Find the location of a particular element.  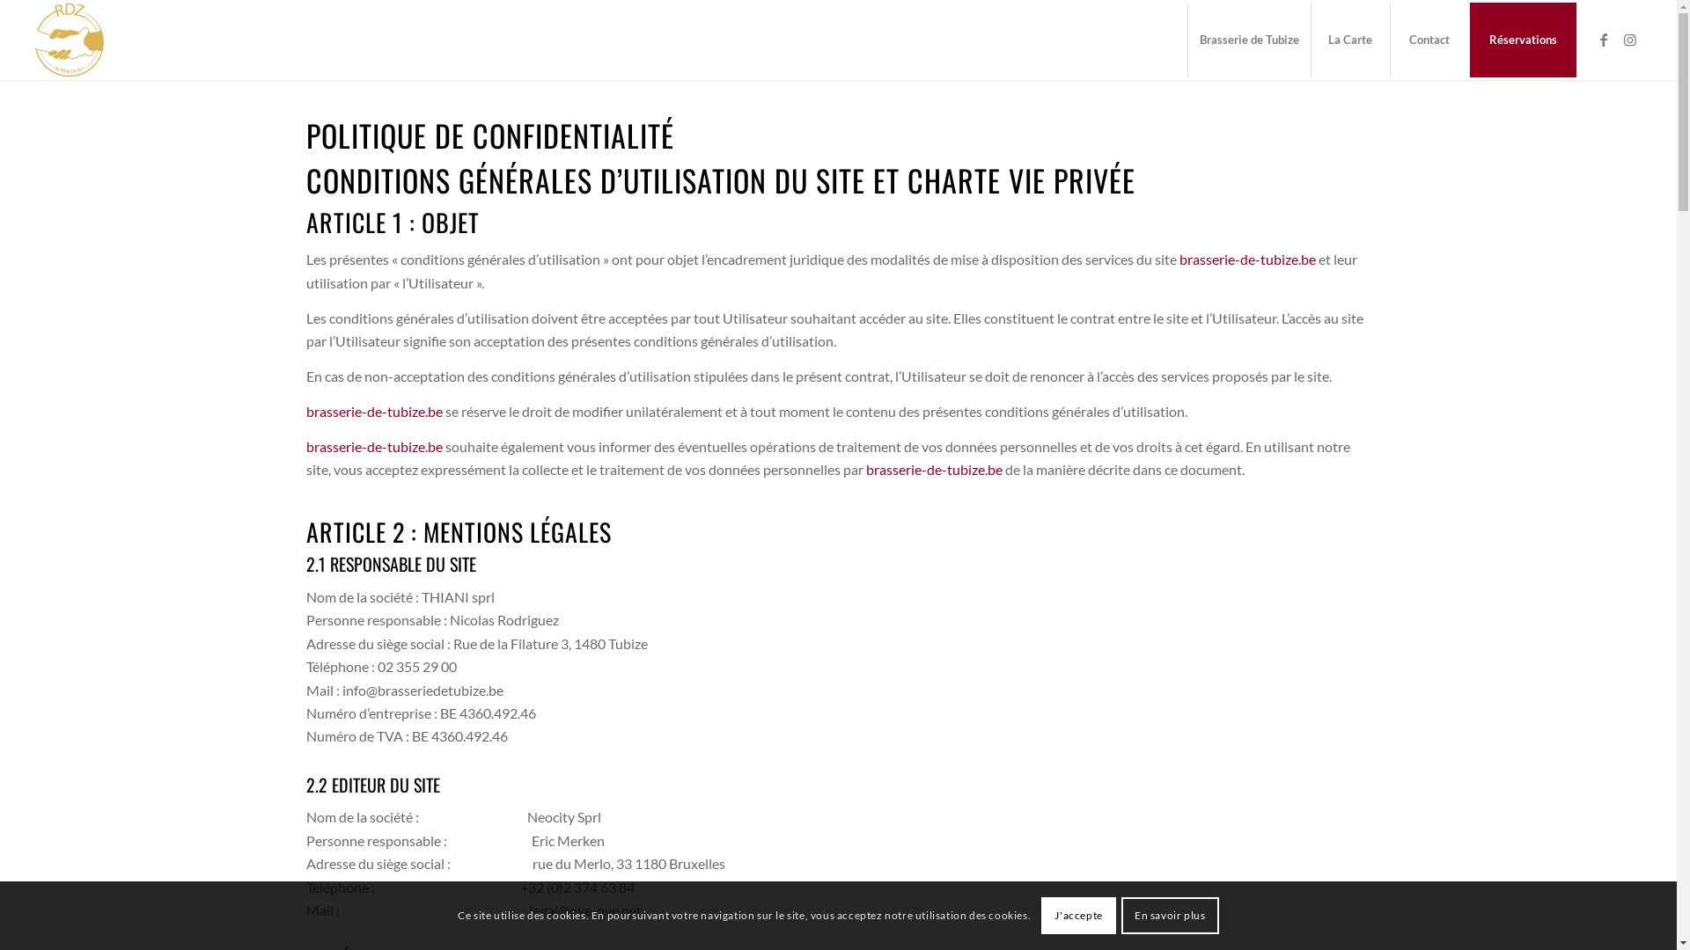

'La Carte' is located at coordinates (1349, 40).